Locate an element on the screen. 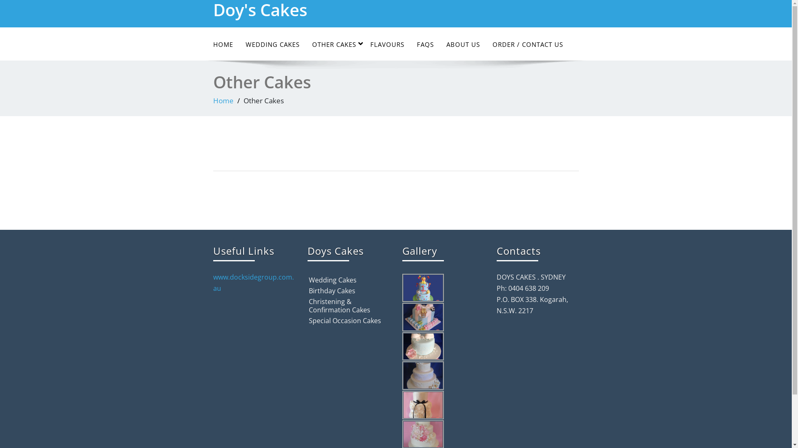 The width and height of the screenshot is (798, 448). 'Christening & Confirmation Cakes' is located at coordinates (339, 305).